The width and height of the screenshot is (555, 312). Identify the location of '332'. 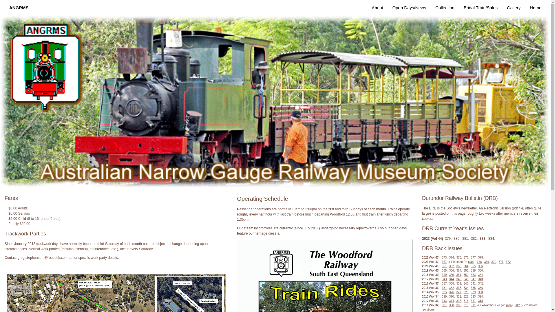
(451, 288).